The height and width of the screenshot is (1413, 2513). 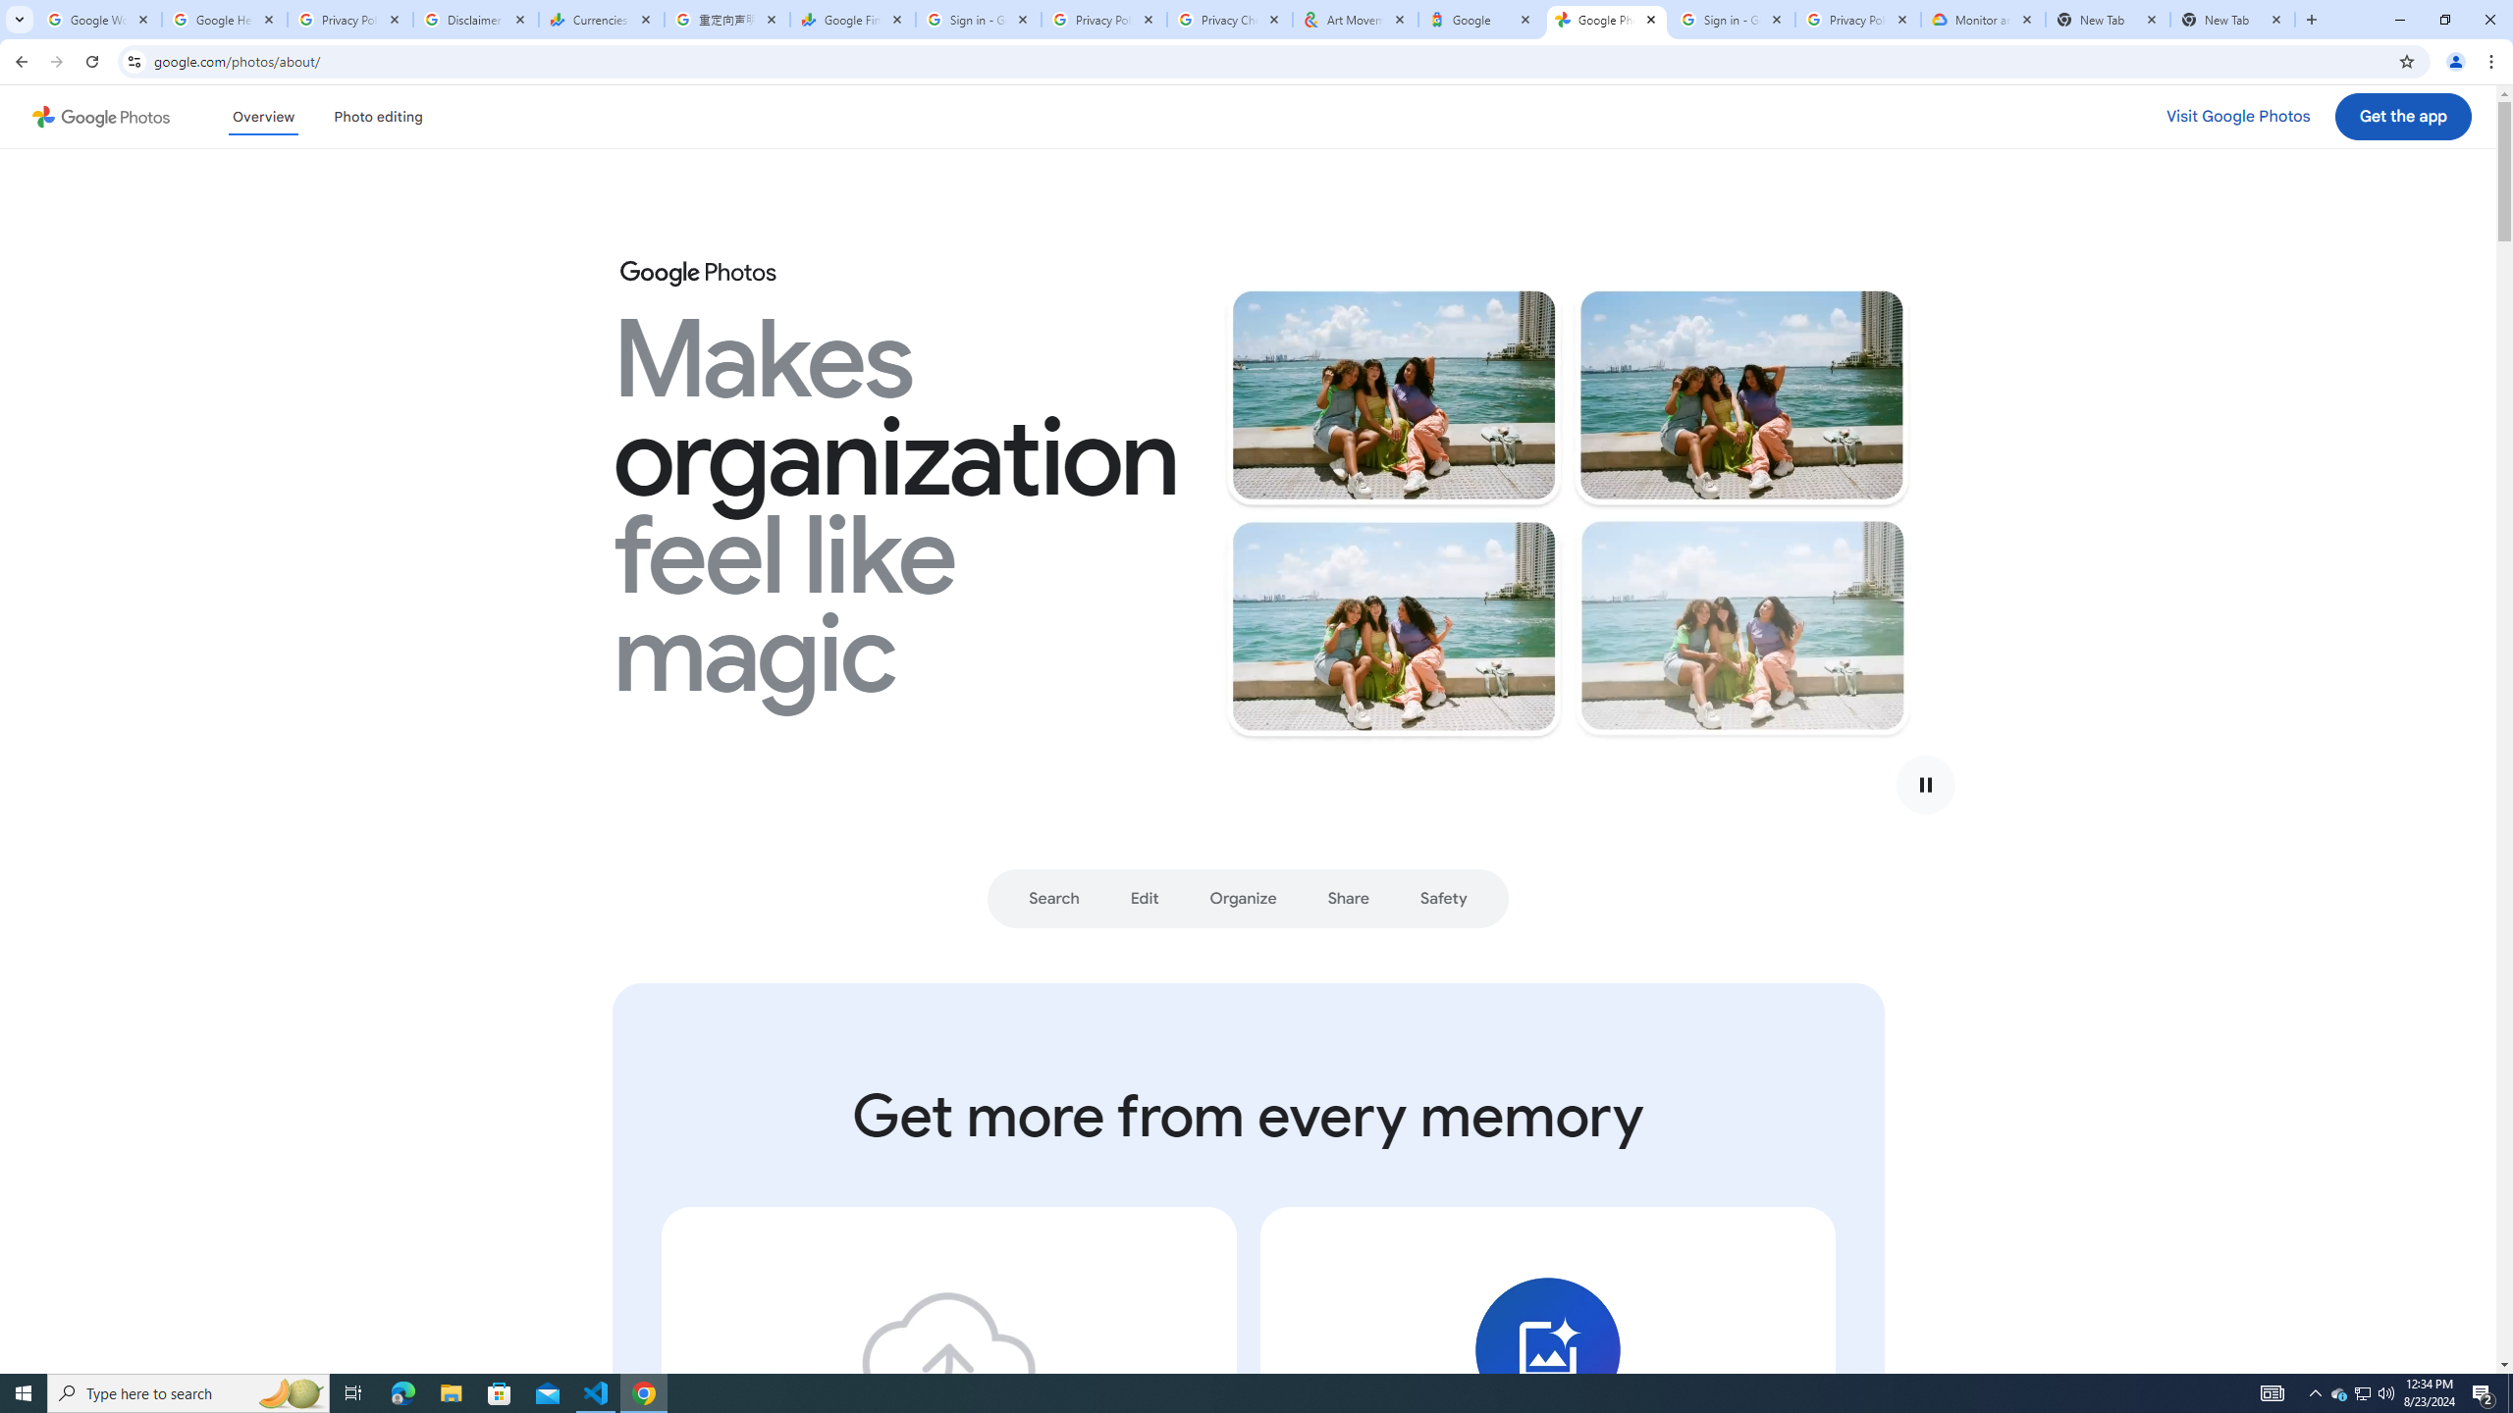 I want to click on 'Play video', so click(x=1924, y=783).